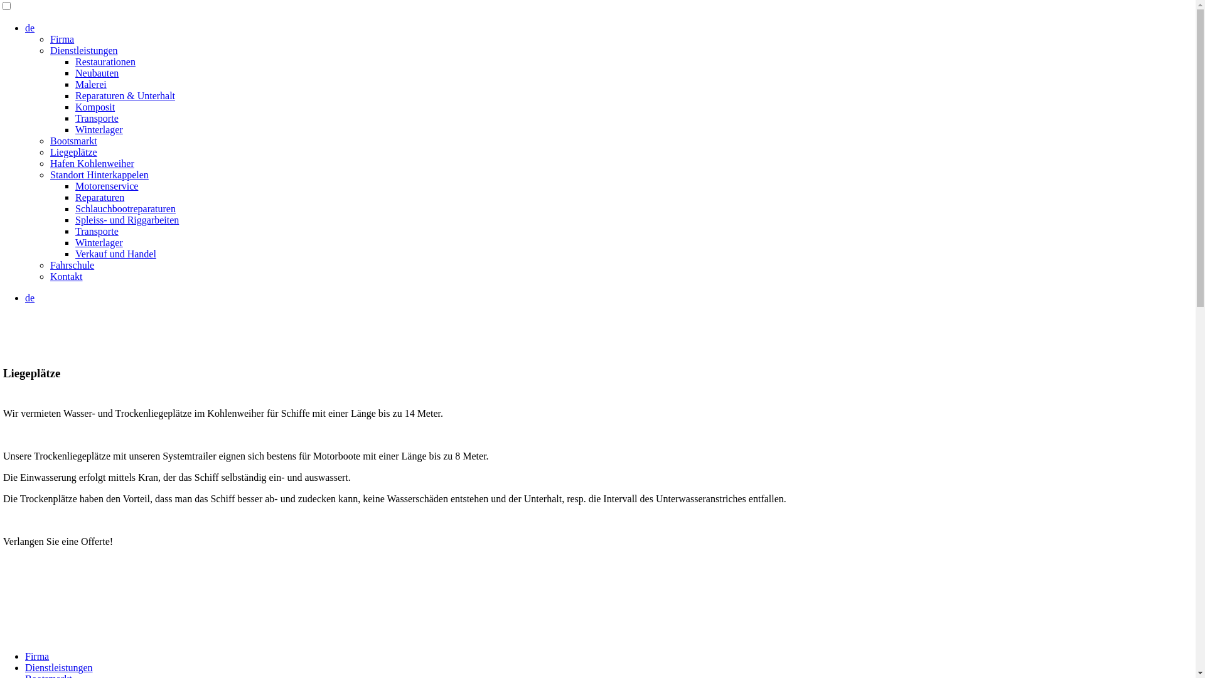 The image size is (1205, 678). What do you see at coordinates (75, 106) in the screenshot?
I see `'Komposit'` at bounding box center [75, 106].